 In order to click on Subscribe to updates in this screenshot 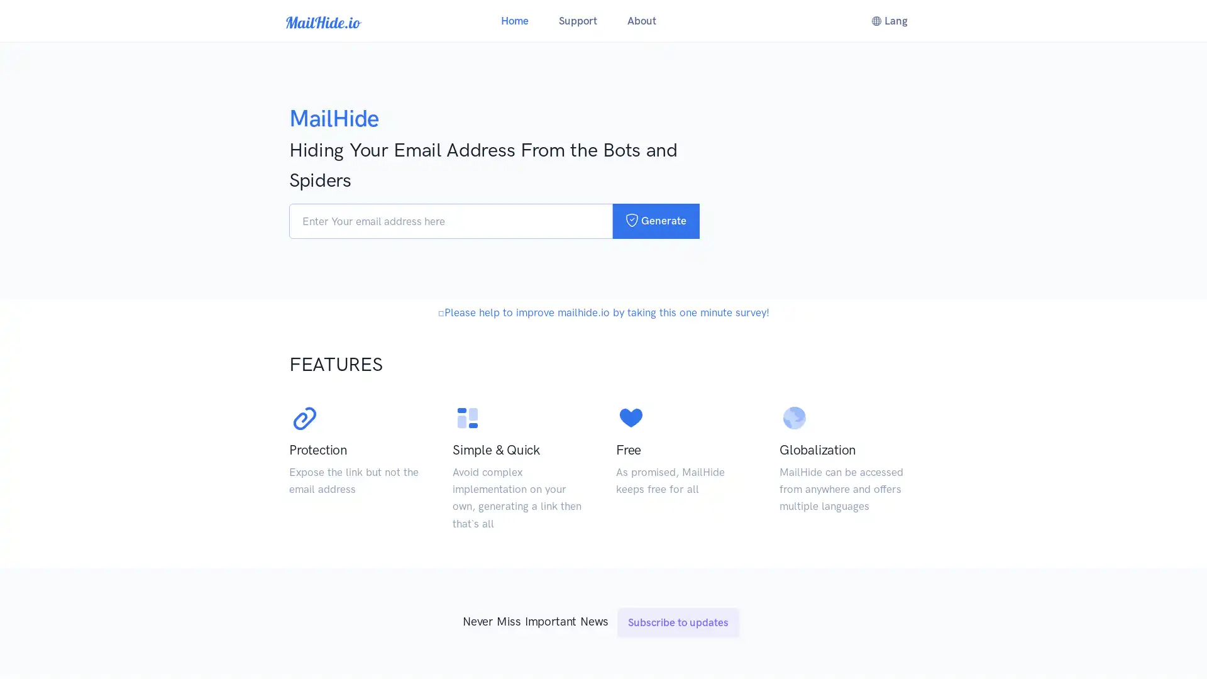, I will do `click(678, 653)`.